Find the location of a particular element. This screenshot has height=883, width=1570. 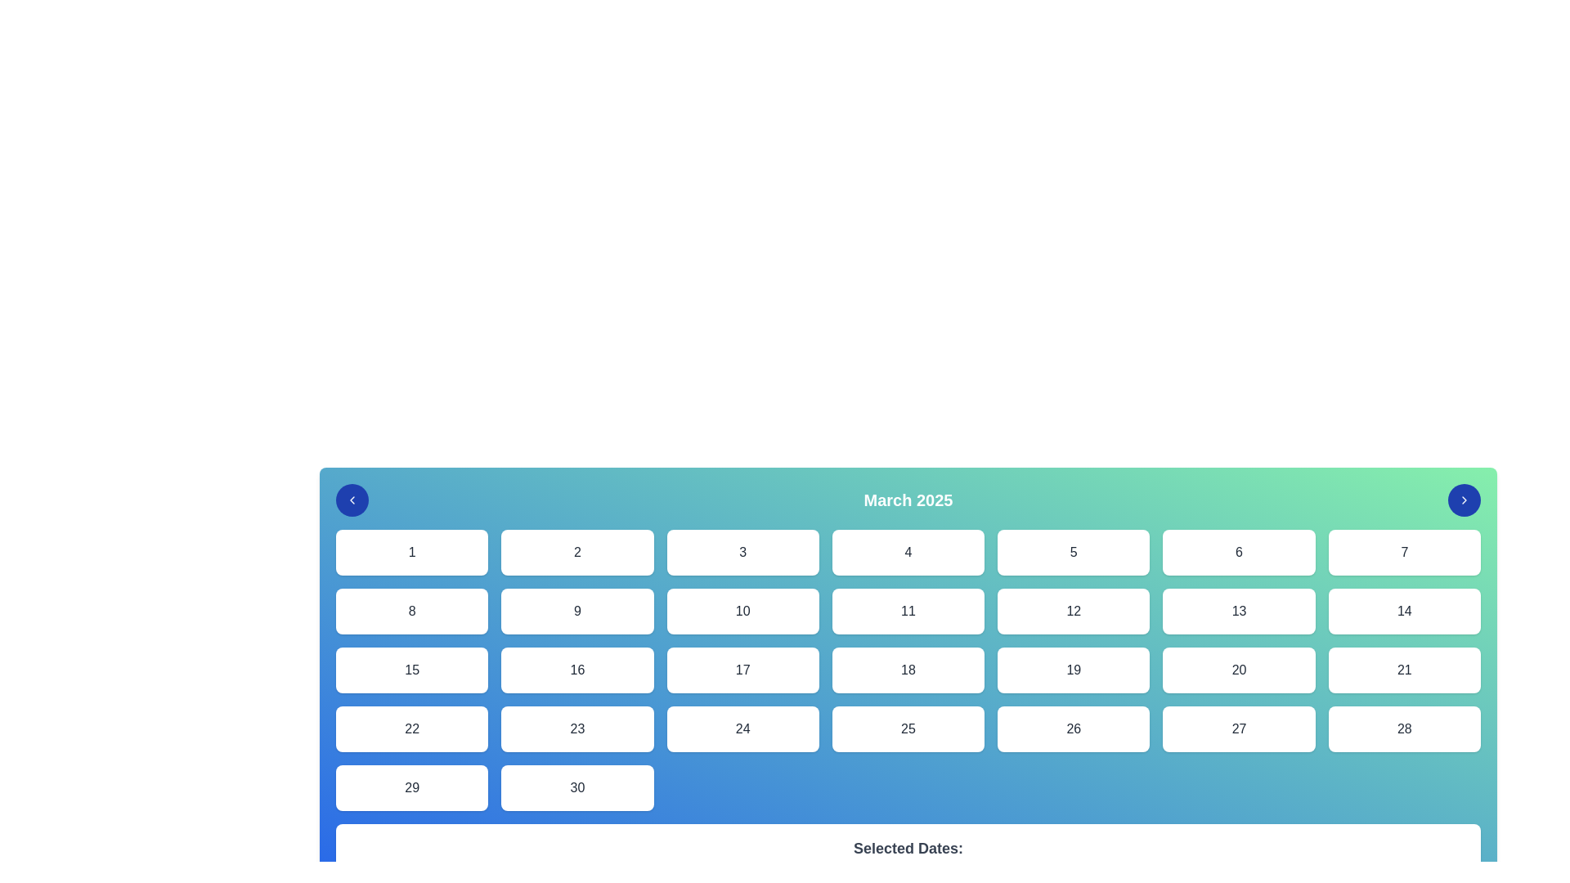

the button labeled '16' located in the fourth row and second column of the calendar grid for March 2025 to enable keyboard navigation is located at coordinates (577, 670).